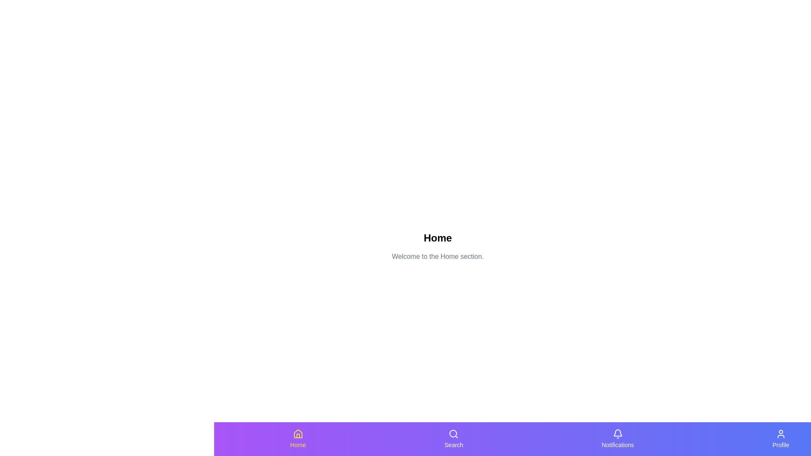 The width and height of the screenshot is (811, 456). Describe the element at coordinates (438, 256) in the screenshot. I see `the Text label that provides a welcoming message in the 'Home' section of the application, located directly beneath the title 'Home'` at that location.